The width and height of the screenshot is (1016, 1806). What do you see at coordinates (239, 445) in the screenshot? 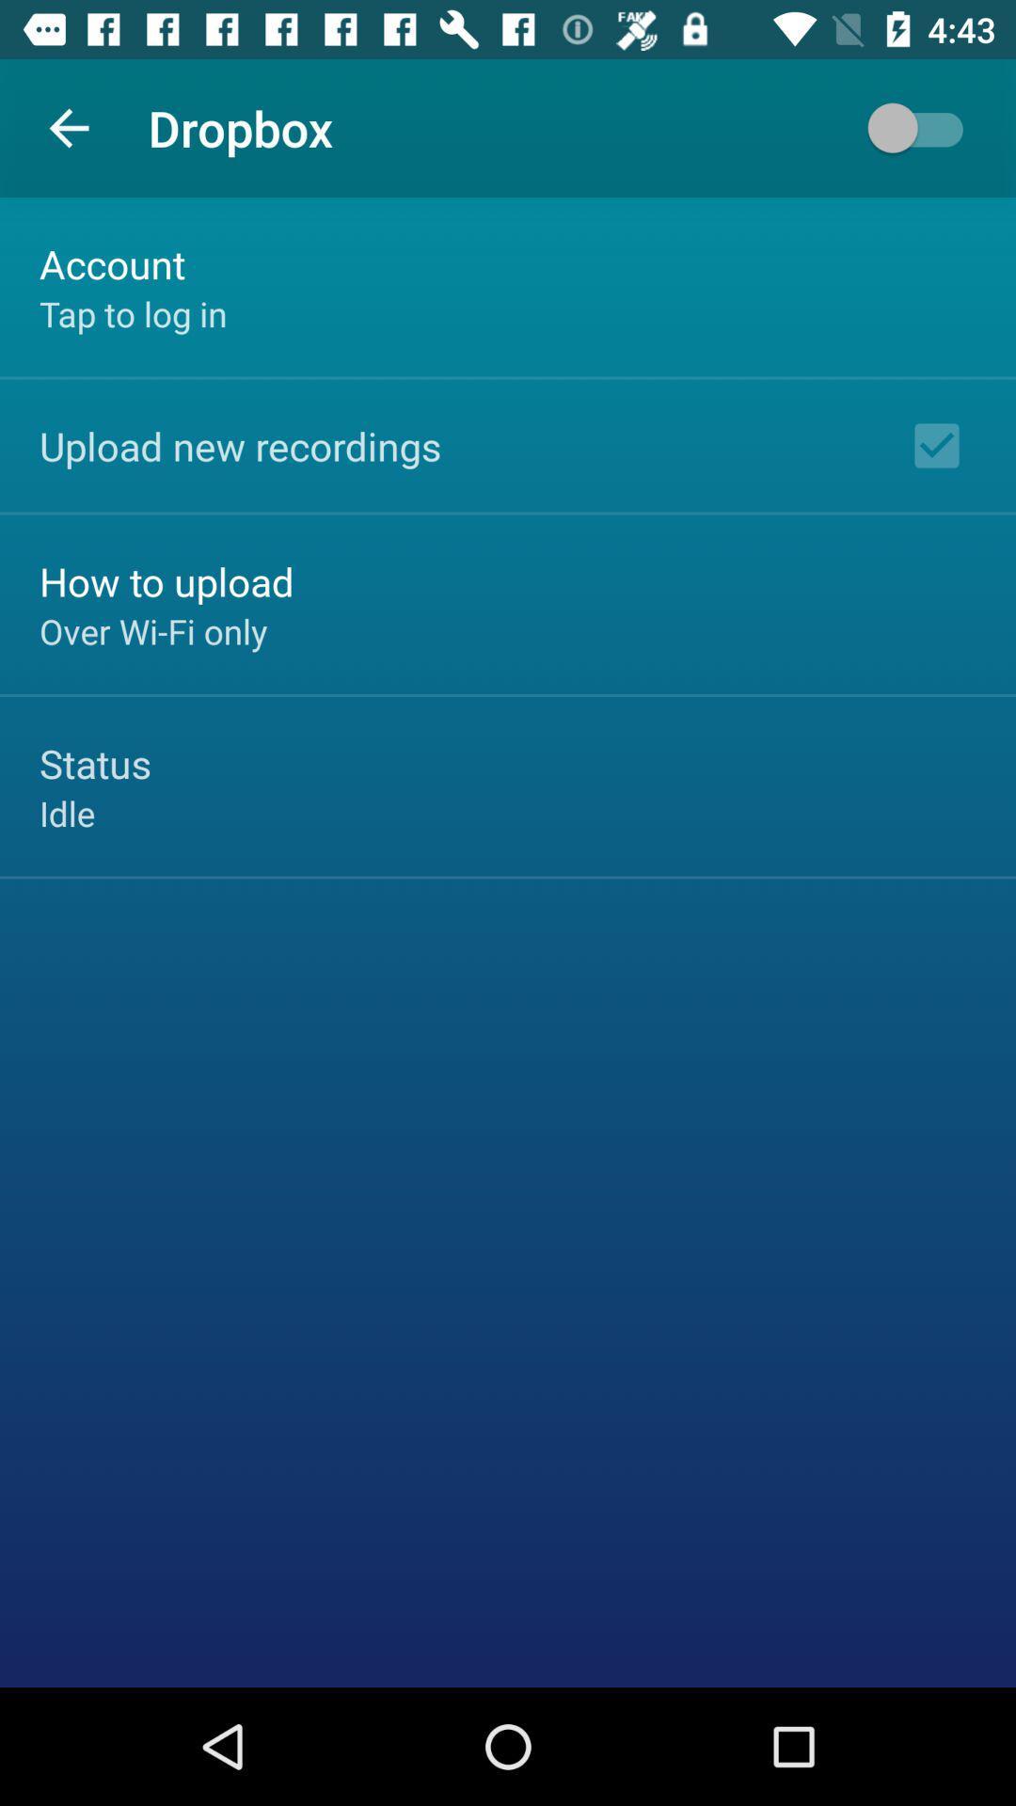
I see `item below the tap to log` at bounding box center [239, 445].